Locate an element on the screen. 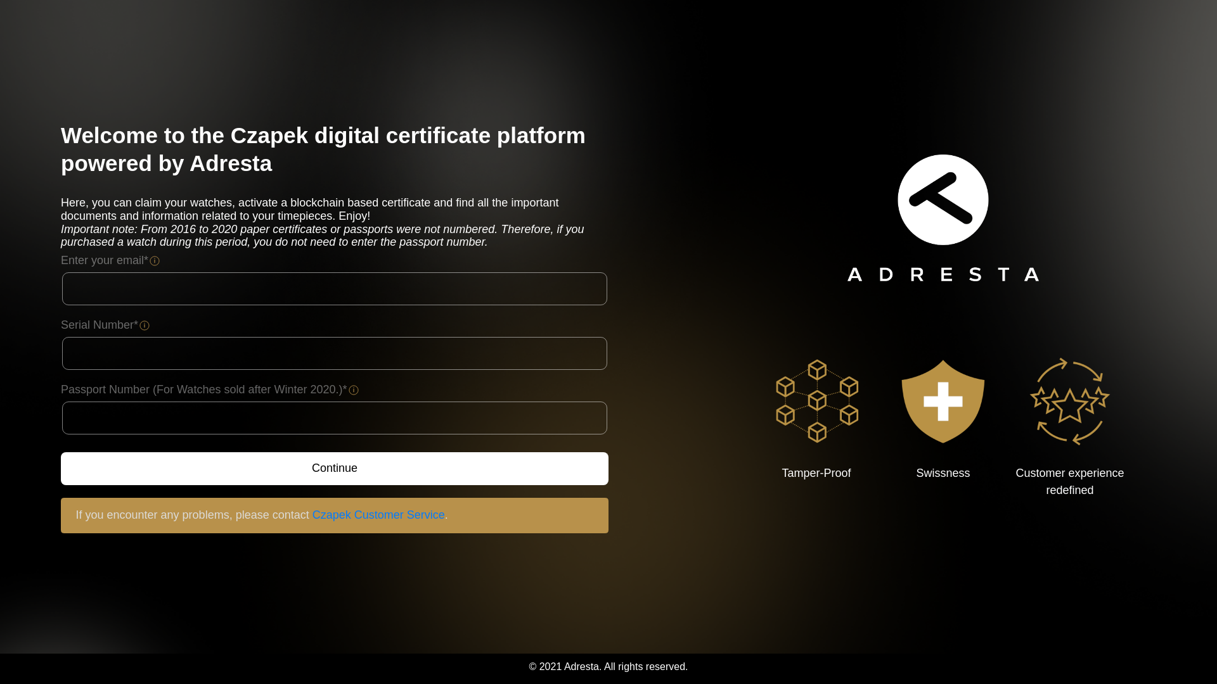 Image resolution: width=1217 pixels, height=684 pixels. 'Continue' is located at coordinates (335, 469).